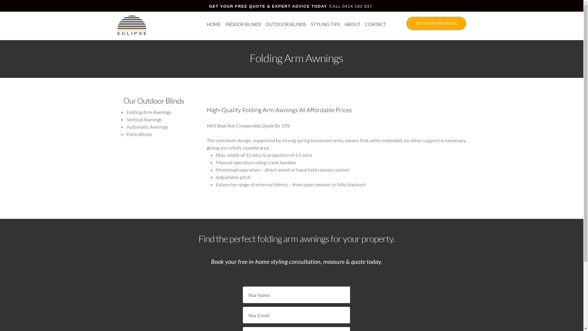  What do you see at coordinates (138, 134) in the screenshot?
I see `'Patio Blinds'` at bounding box center [138, 134].